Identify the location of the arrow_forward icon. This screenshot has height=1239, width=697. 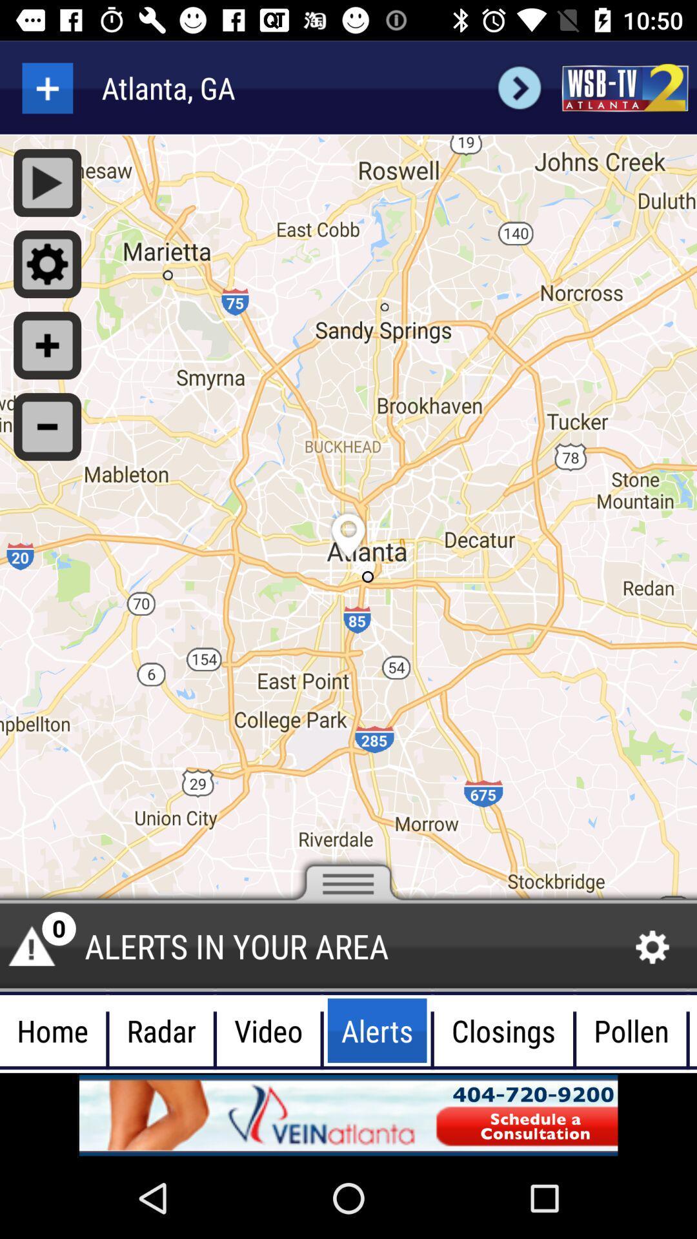
(519, 87).